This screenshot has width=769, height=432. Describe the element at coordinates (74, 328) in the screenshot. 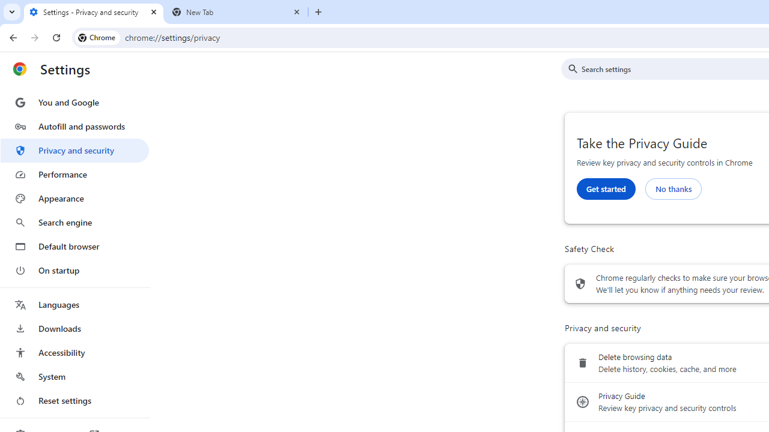

I see `'Downloads'` at that location.